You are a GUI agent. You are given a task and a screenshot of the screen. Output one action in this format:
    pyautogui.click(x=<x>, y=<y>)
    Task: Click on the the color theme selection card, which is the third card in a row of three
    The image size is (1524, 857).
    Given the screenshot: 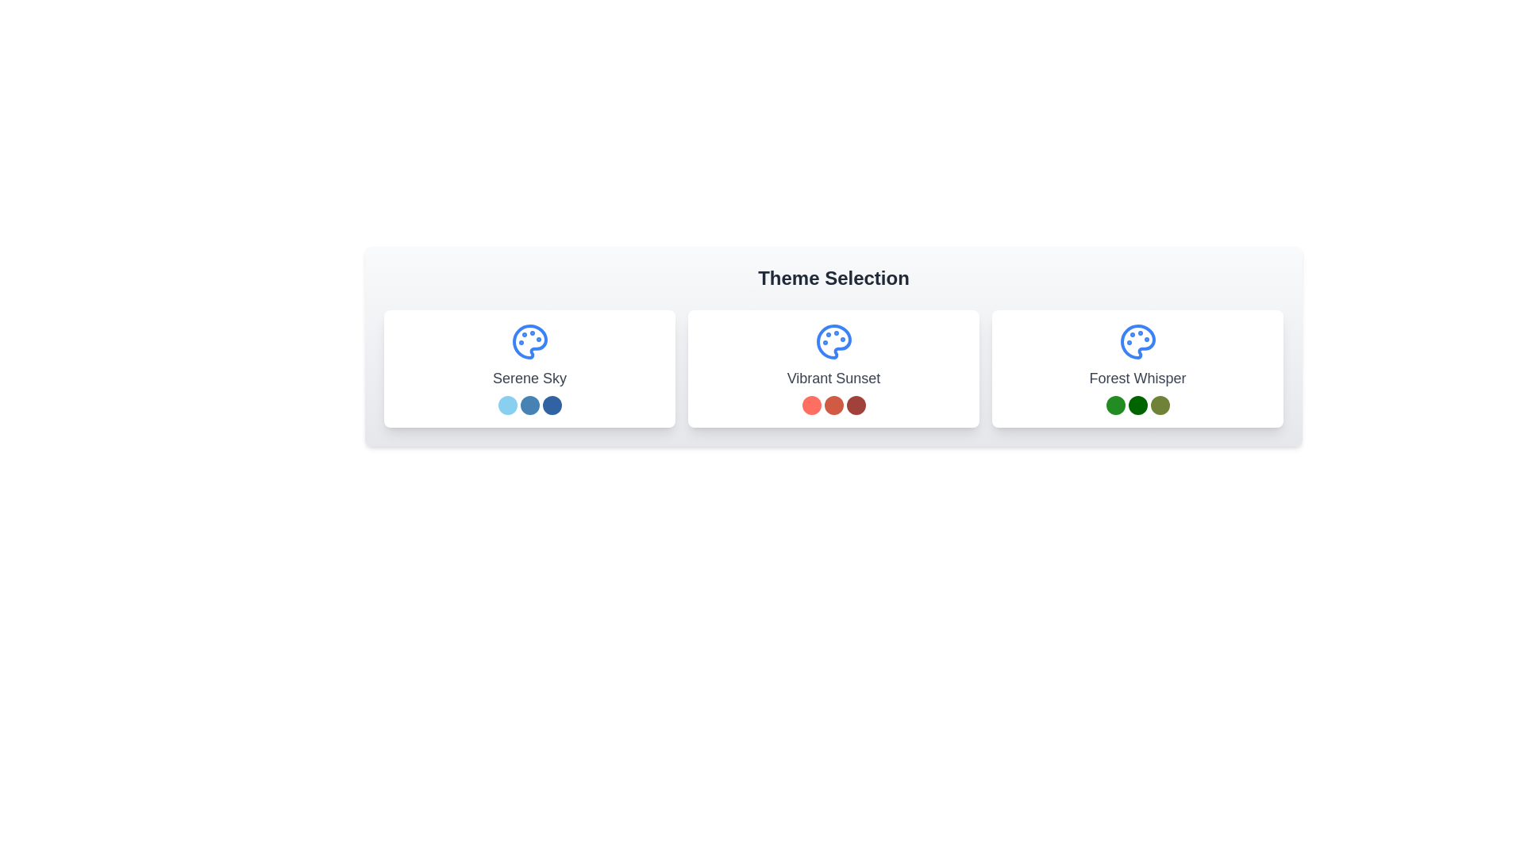 What is the action you would take?
    pyautogui.click(x=1137, y=369)
    